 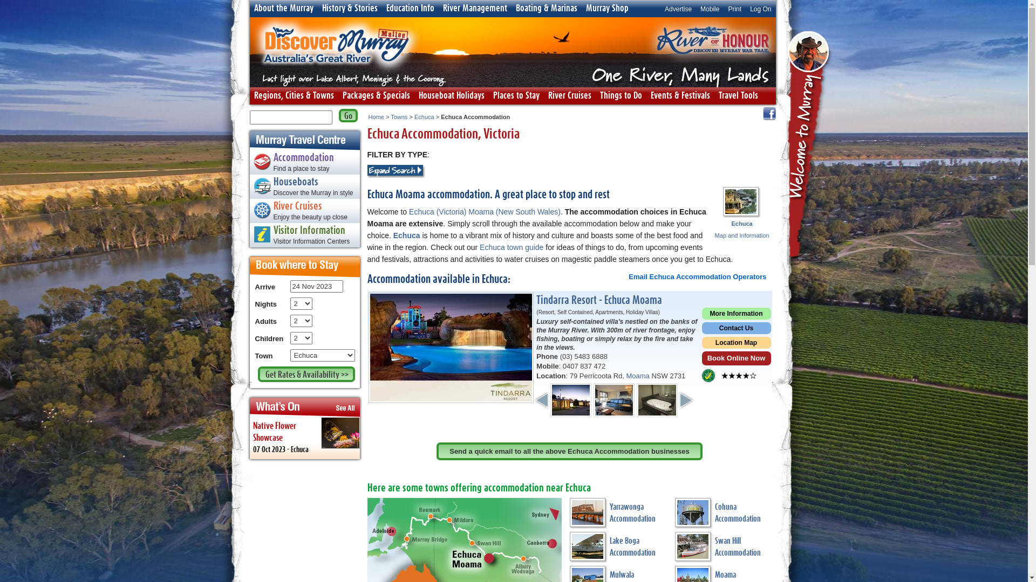 What do you see at coordinates (349, 8) in the screenshot?
I see `'History & Stories'` at bounding box center [349, 8].